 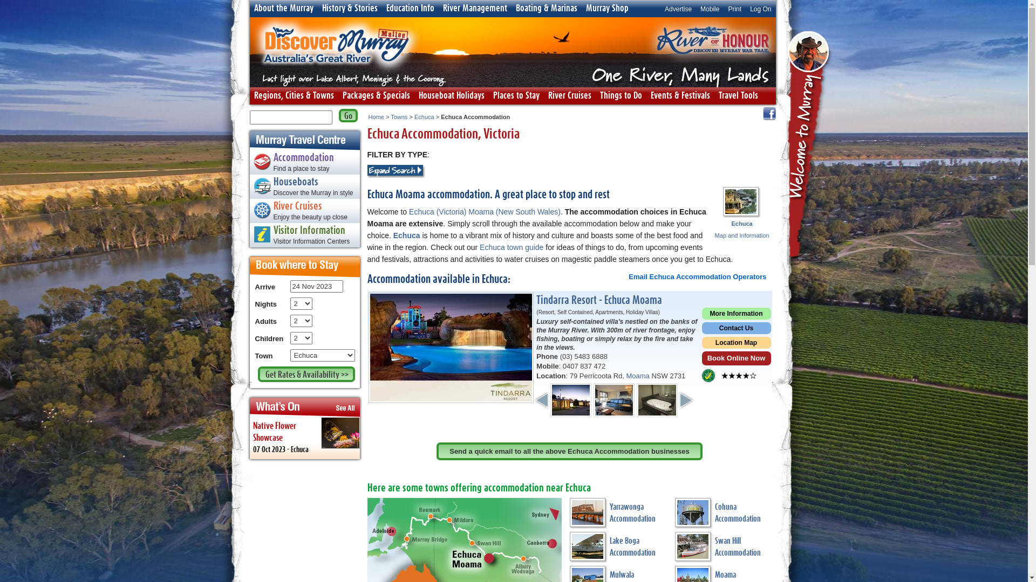 What do you see at coordinates (349, 8) in the screenshot?
I see `'History & Stories'` at bounding box center [349, 8].